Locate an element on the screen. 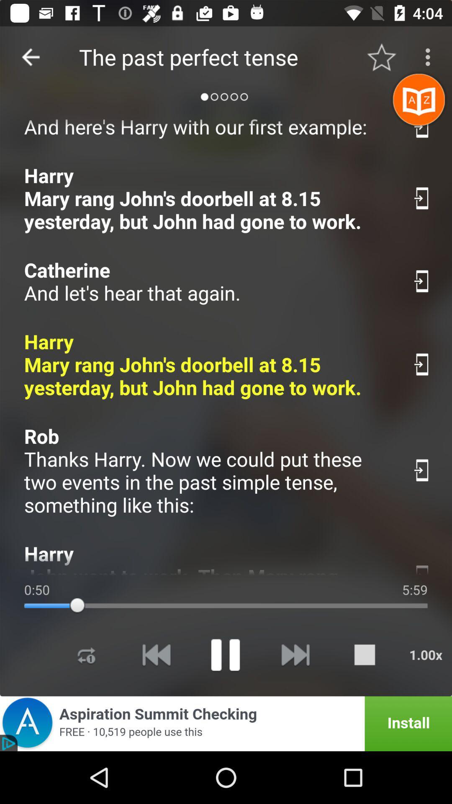 Image resolution: width=452 pixels, height=804 pixels. pauses media is located at coordinates (225, 654).